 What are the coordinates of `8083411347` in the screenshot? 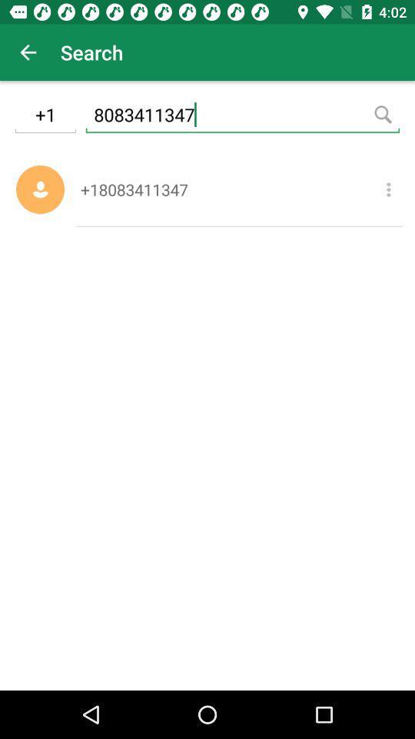 It's located at (242, 116).